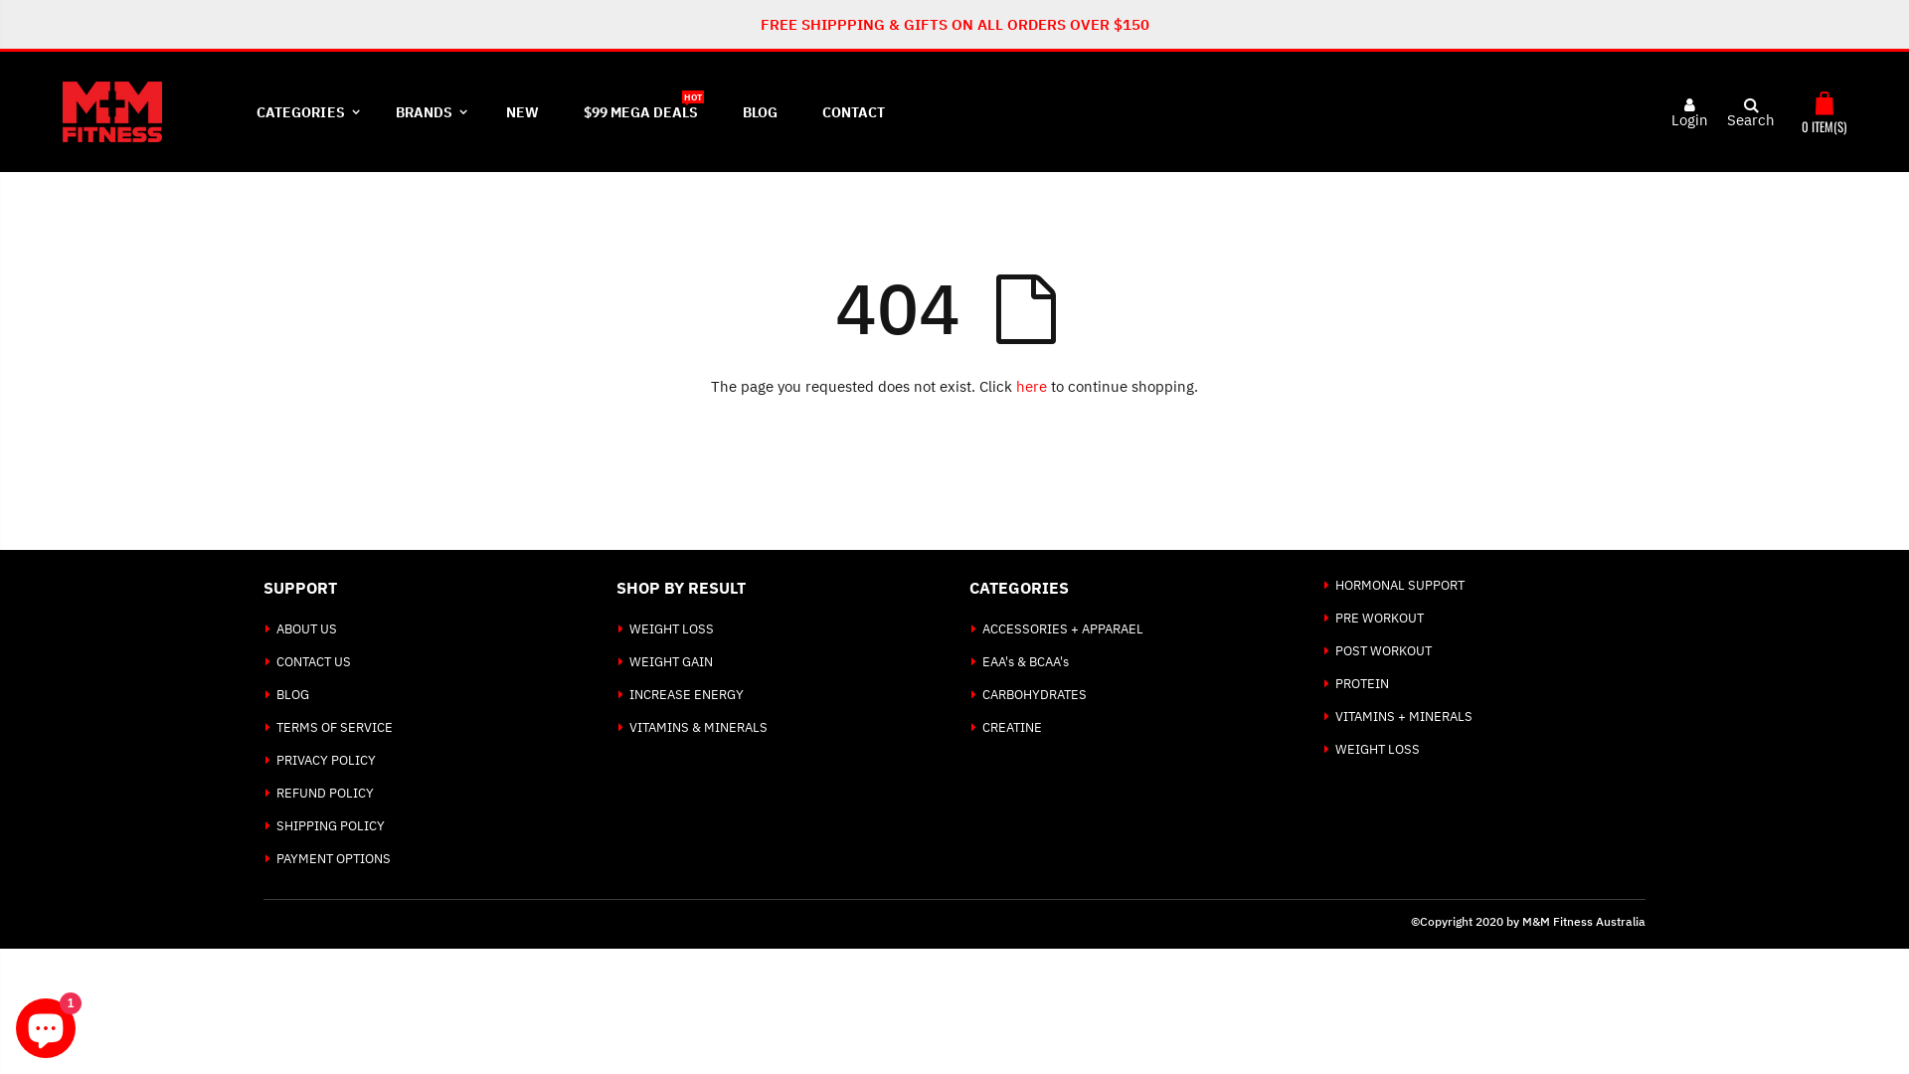  What do you see at coordinates (1382, 650) in the screenshot?
I see `'POST WORKOUT'` at bounding box center [1382, 650].